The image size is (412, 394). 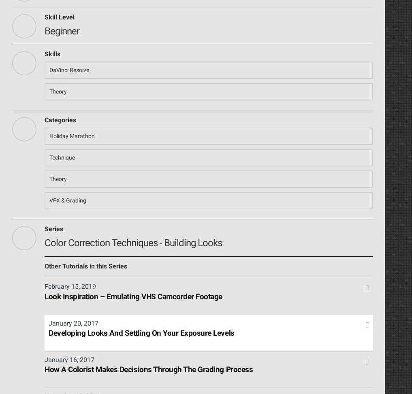 What do you see at coordinates (70, 286) in the screenshot?
I see `'February 15, 2019'` at bounding box center [70, 286].